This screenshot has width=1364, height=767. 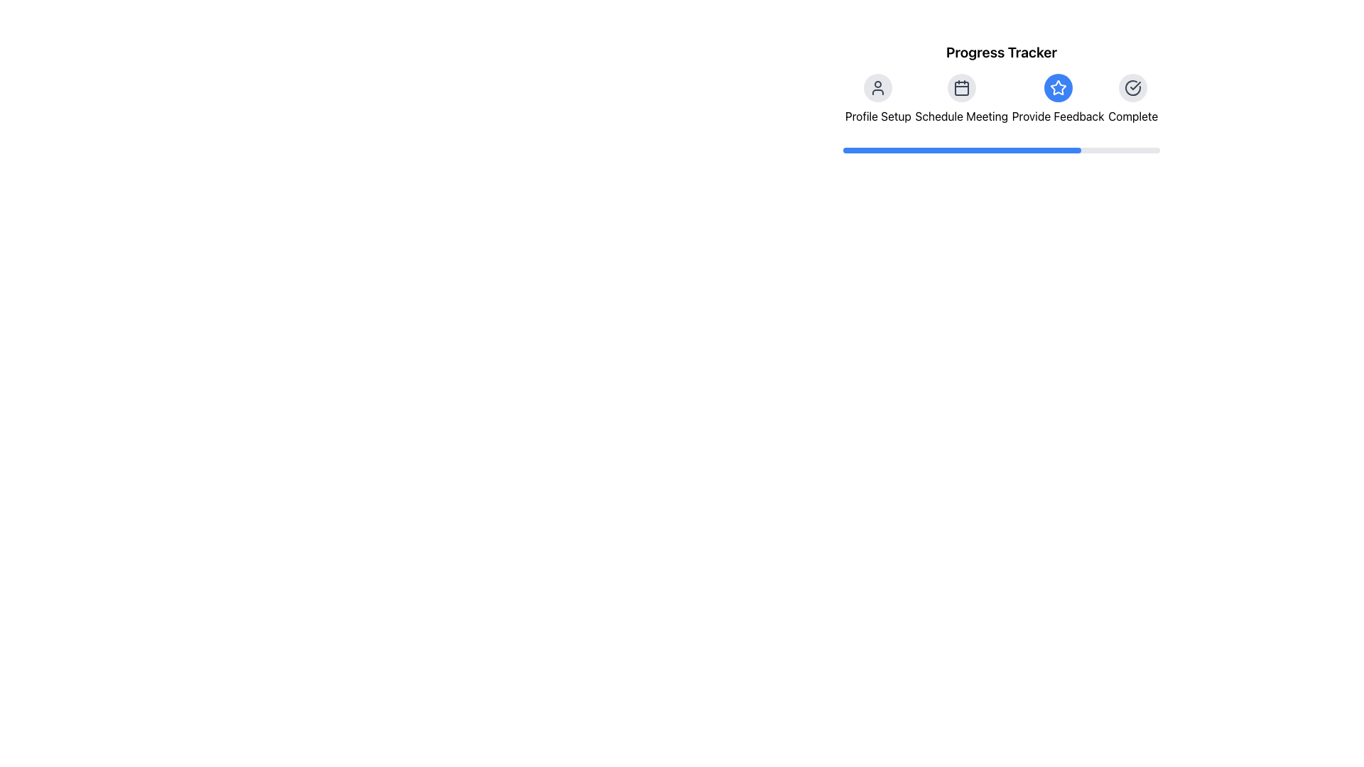 I want to click on the circular checkmark icon located at the far-right position among a series of similar icons above the progress tracker, so click(x=1132, y=87).